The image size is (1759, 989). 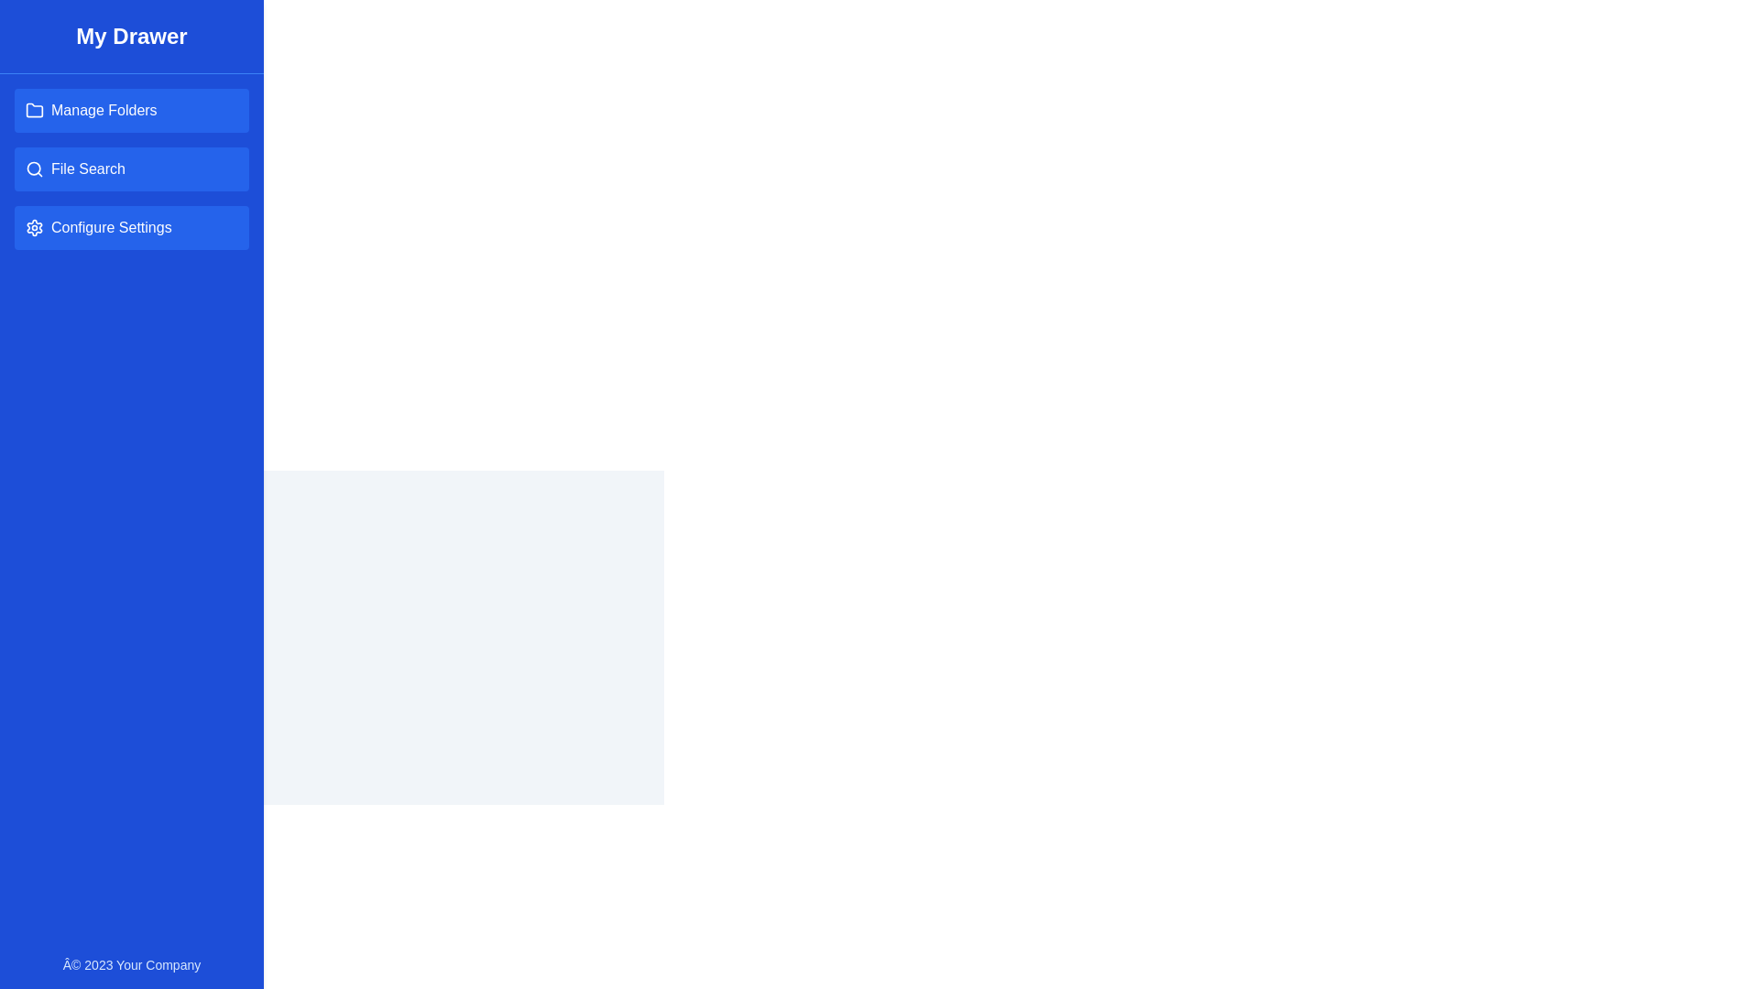 I want to click on the navigation item Configure Settings in the drawer, so click(x=131, y=227).